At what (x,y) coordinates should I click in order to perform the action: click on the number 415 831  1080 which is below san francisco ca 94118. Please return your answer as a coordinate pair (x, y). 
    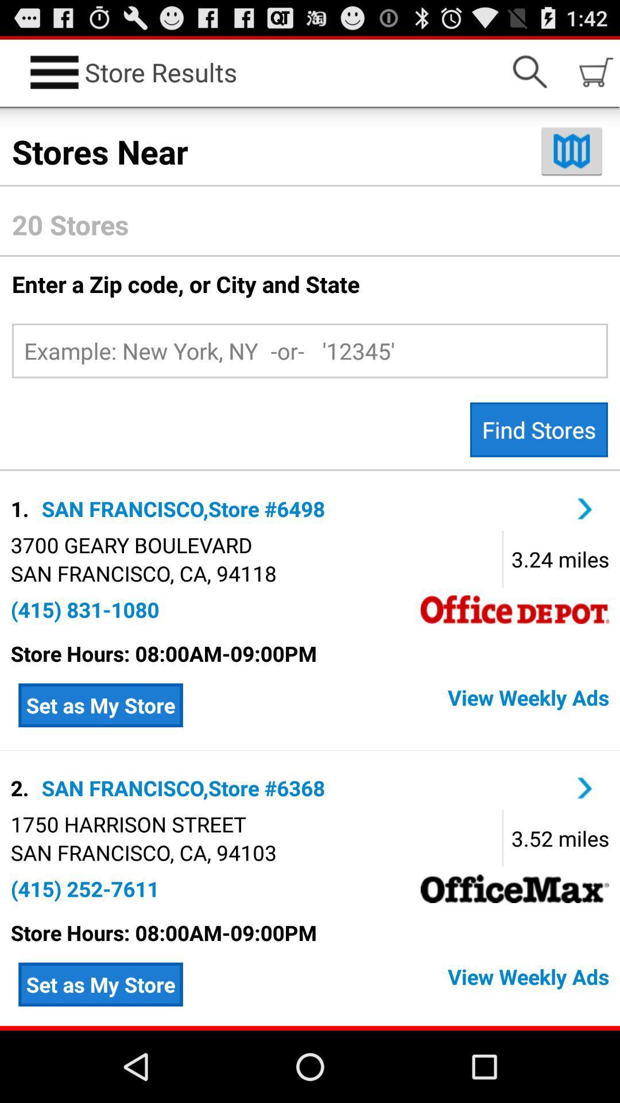
    Looking at the image, I should click on (84, 609).